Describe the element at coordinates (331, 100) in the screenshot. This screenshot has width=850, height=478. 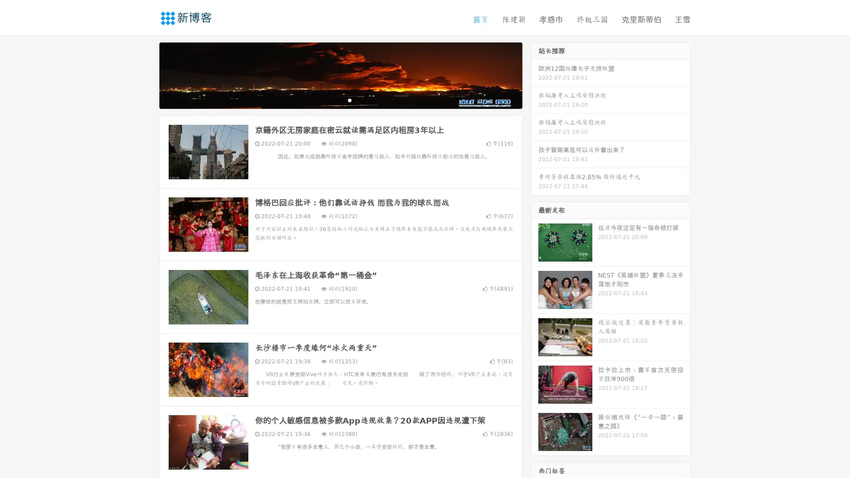
I see `Go to slide 1` at that location.